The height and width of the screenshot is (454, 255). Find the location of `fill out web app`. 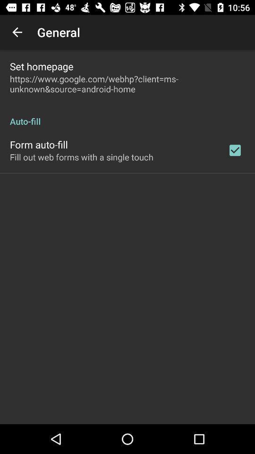

fill out web app is located at coordinates (81, 157).